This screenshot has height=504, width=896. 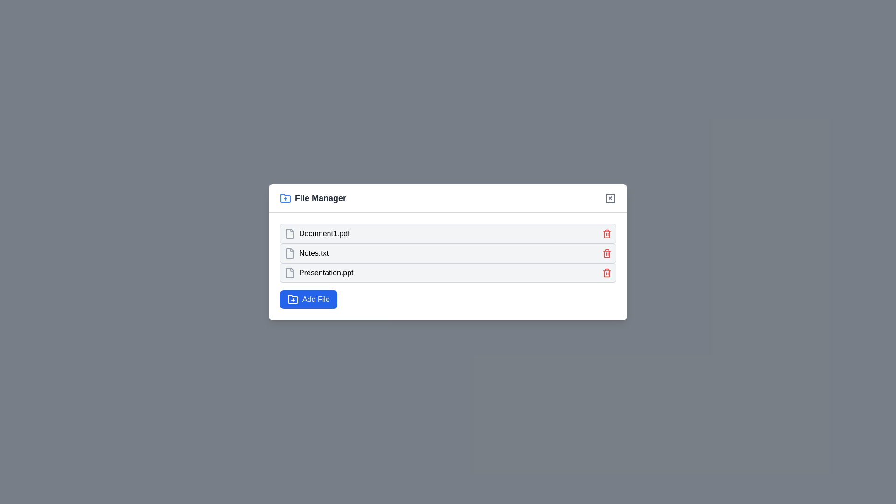 What do you see at coordinates (289, 233) in the screenshot?
I see `the document icon labeled 'Document1.pdf' located in the leftmost part of the first row of a vertical list in the file manager widget` at bounding box center [289, 233].